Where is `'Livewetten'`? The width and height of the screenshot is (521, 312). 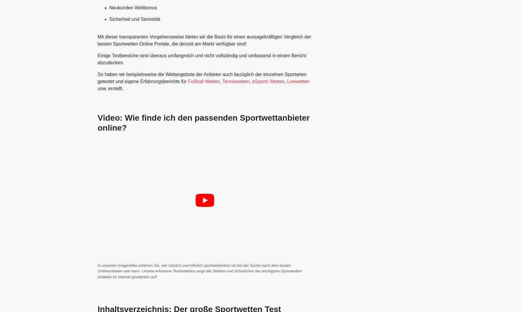 'Livewetten' is located at coordinates (298, 81).